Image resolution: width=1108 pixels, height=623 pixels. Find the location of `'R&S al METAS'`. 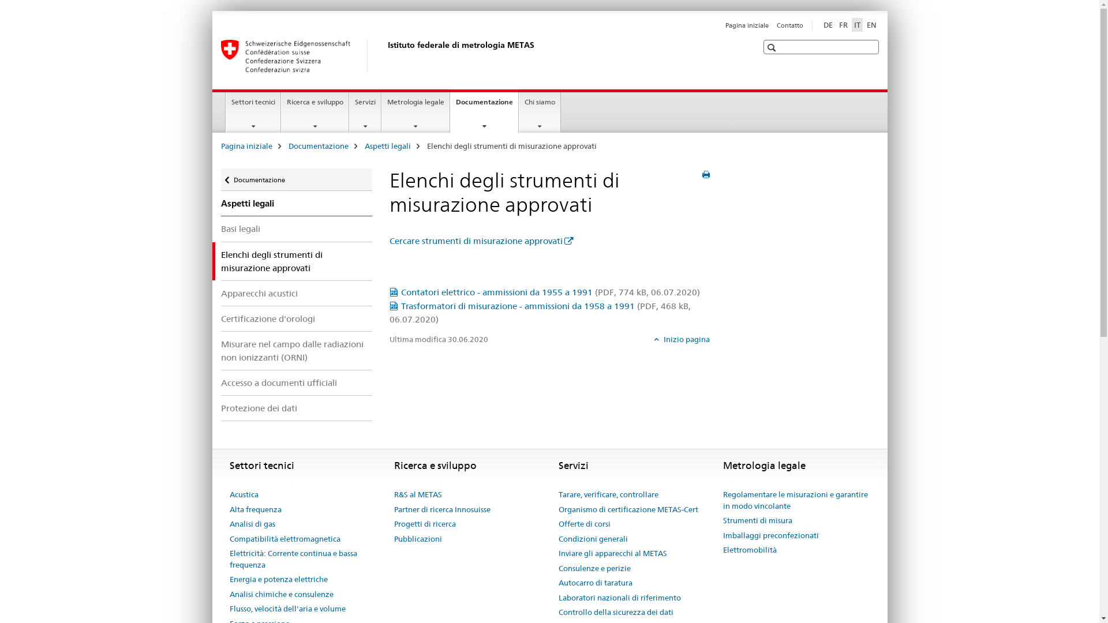

'R&S al METAS' is located at coordinates (417, 494).